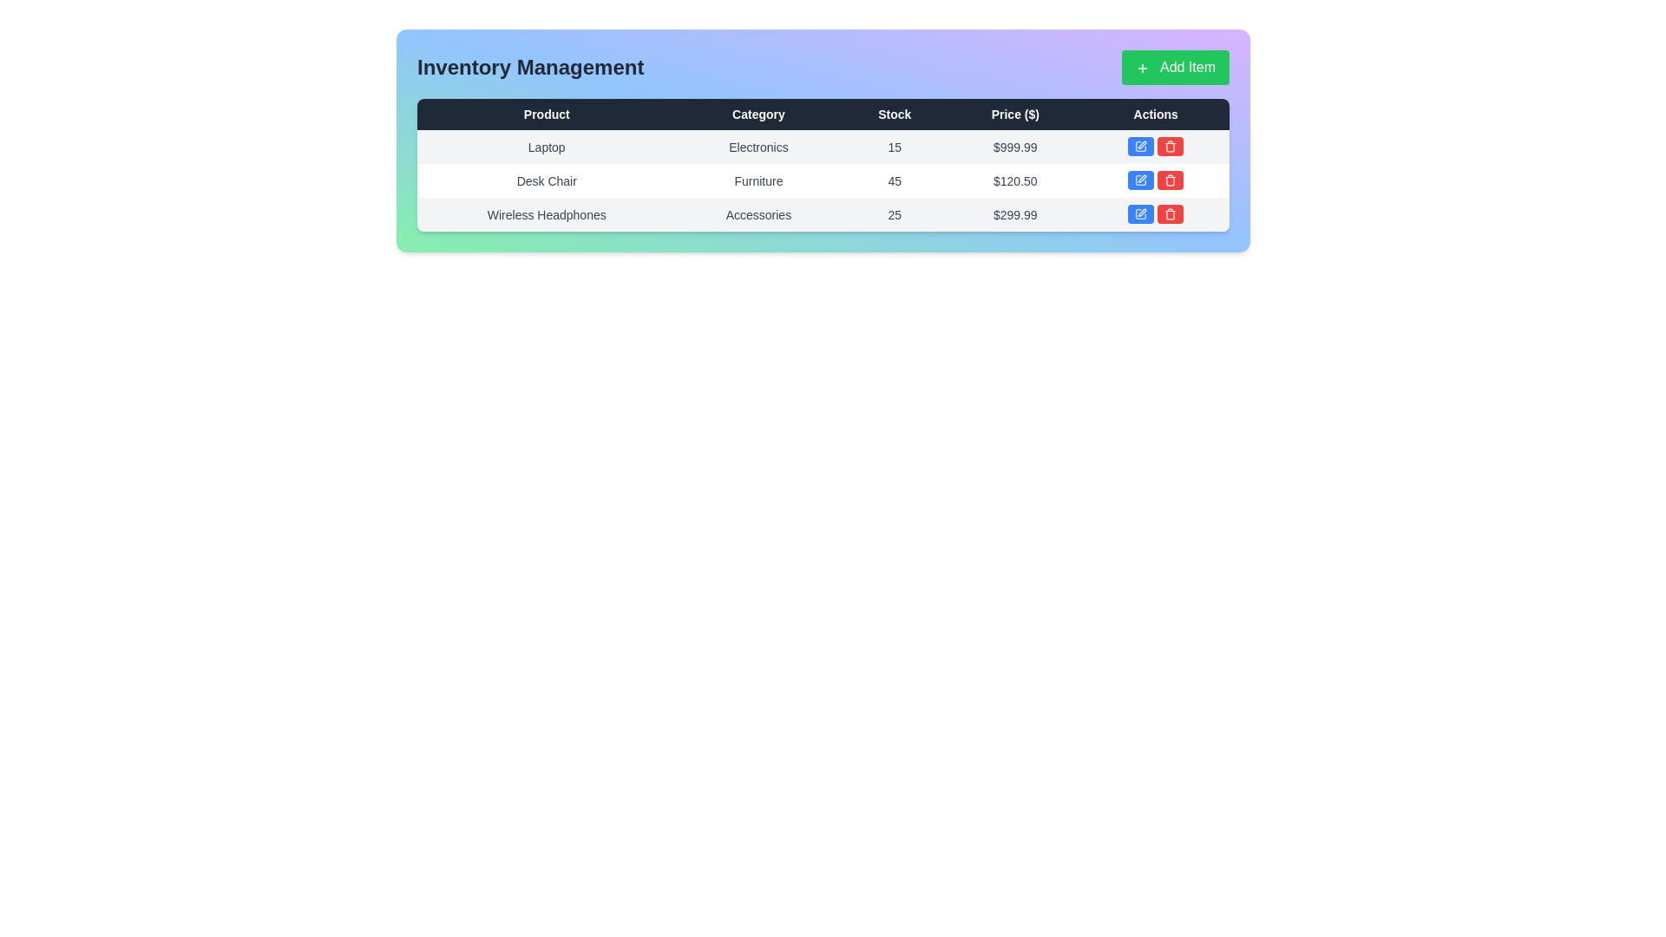 The image size is (1666, 937). What do you see at coordinates (1141, 180) in the screenshot?
I see `the edit icon button located in the 'Actions' column for the second row corresponding to the 'Desk Chair' product entry` at bounding box center [1141, 180].